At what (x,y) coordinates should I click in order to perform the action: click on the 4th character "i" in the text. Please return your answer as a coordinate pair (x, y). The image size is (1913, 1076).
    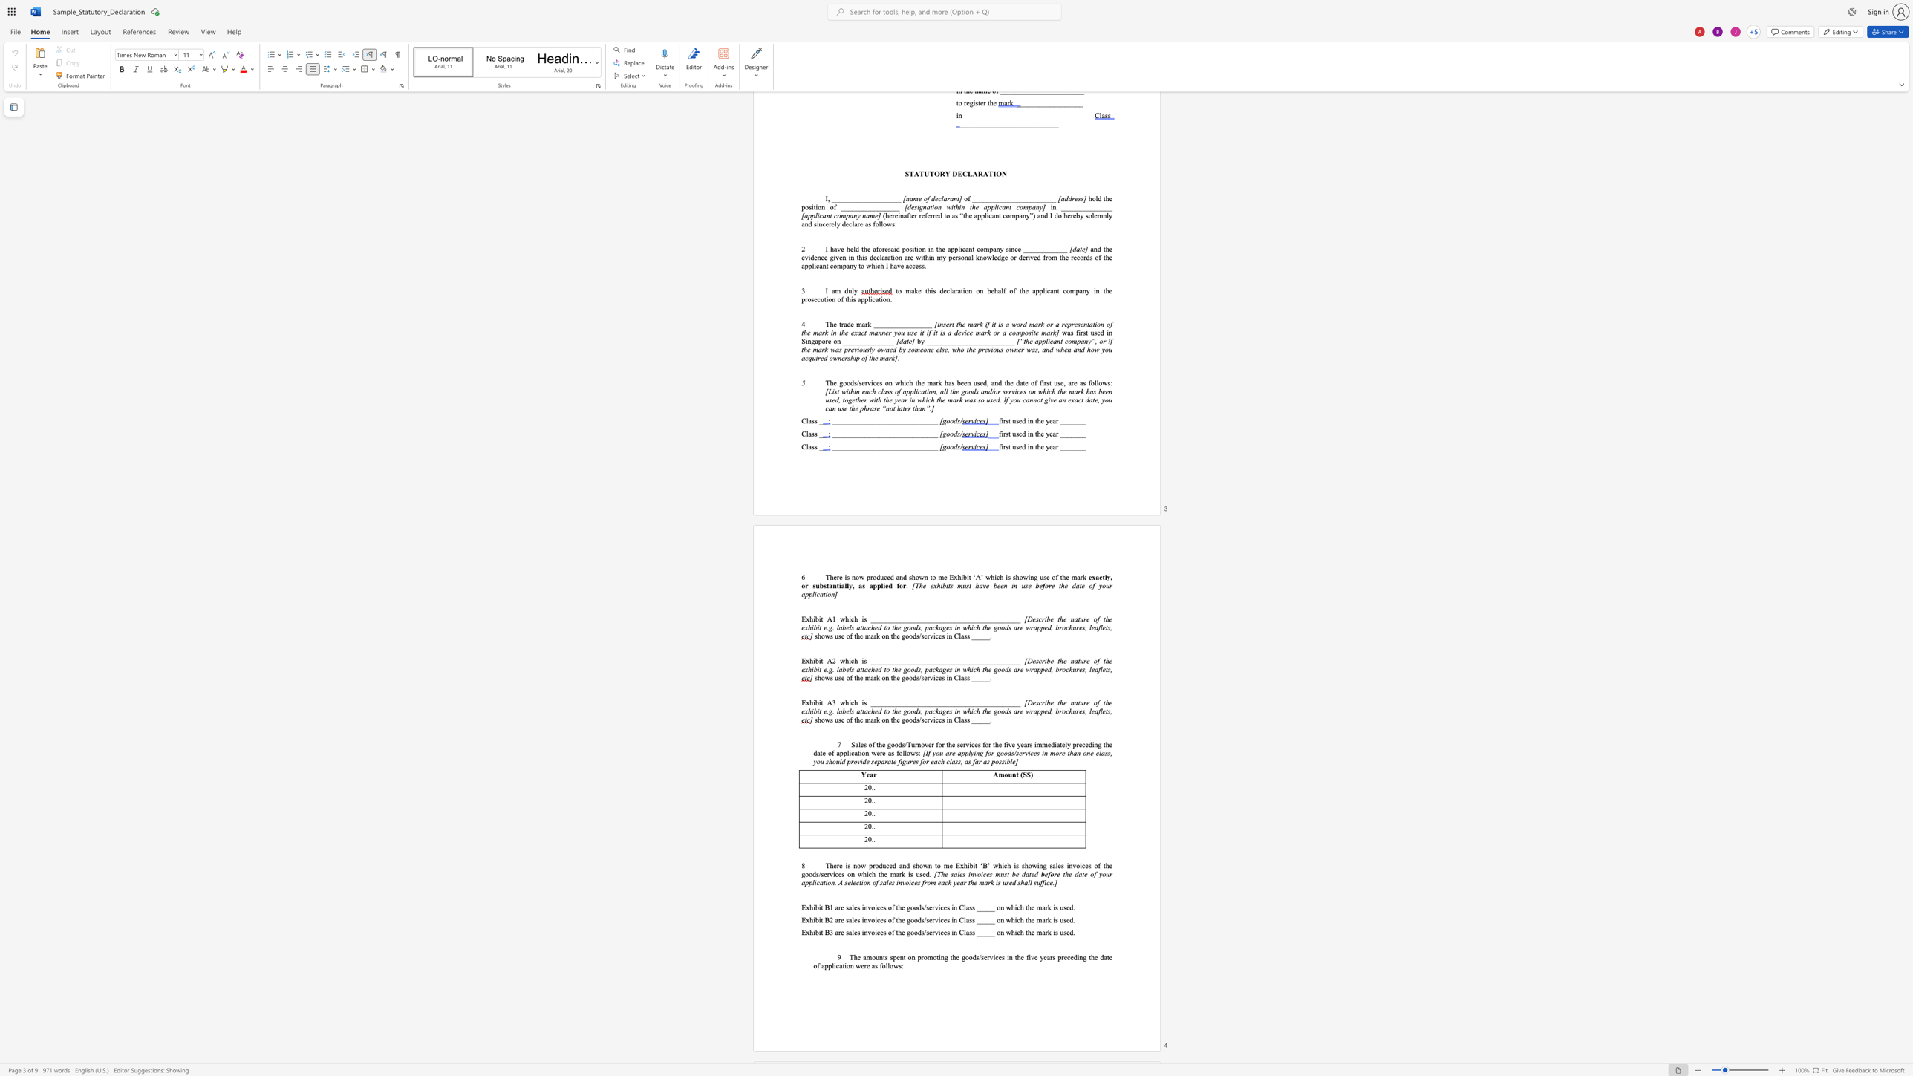
    Looking at the image, I should click on (995, 576).